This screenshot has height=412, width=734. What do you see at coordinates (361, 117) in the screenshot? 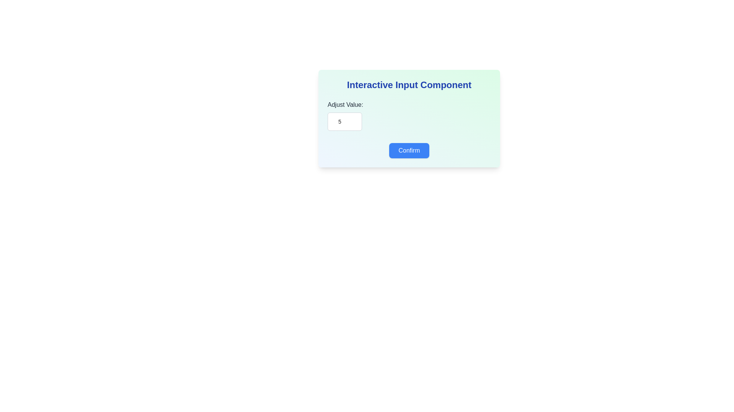
I see `the upward-pointing button located directly above the downward-pointing button to increase the numeric value in the adjacent input field` at bounding box center [361, 117].